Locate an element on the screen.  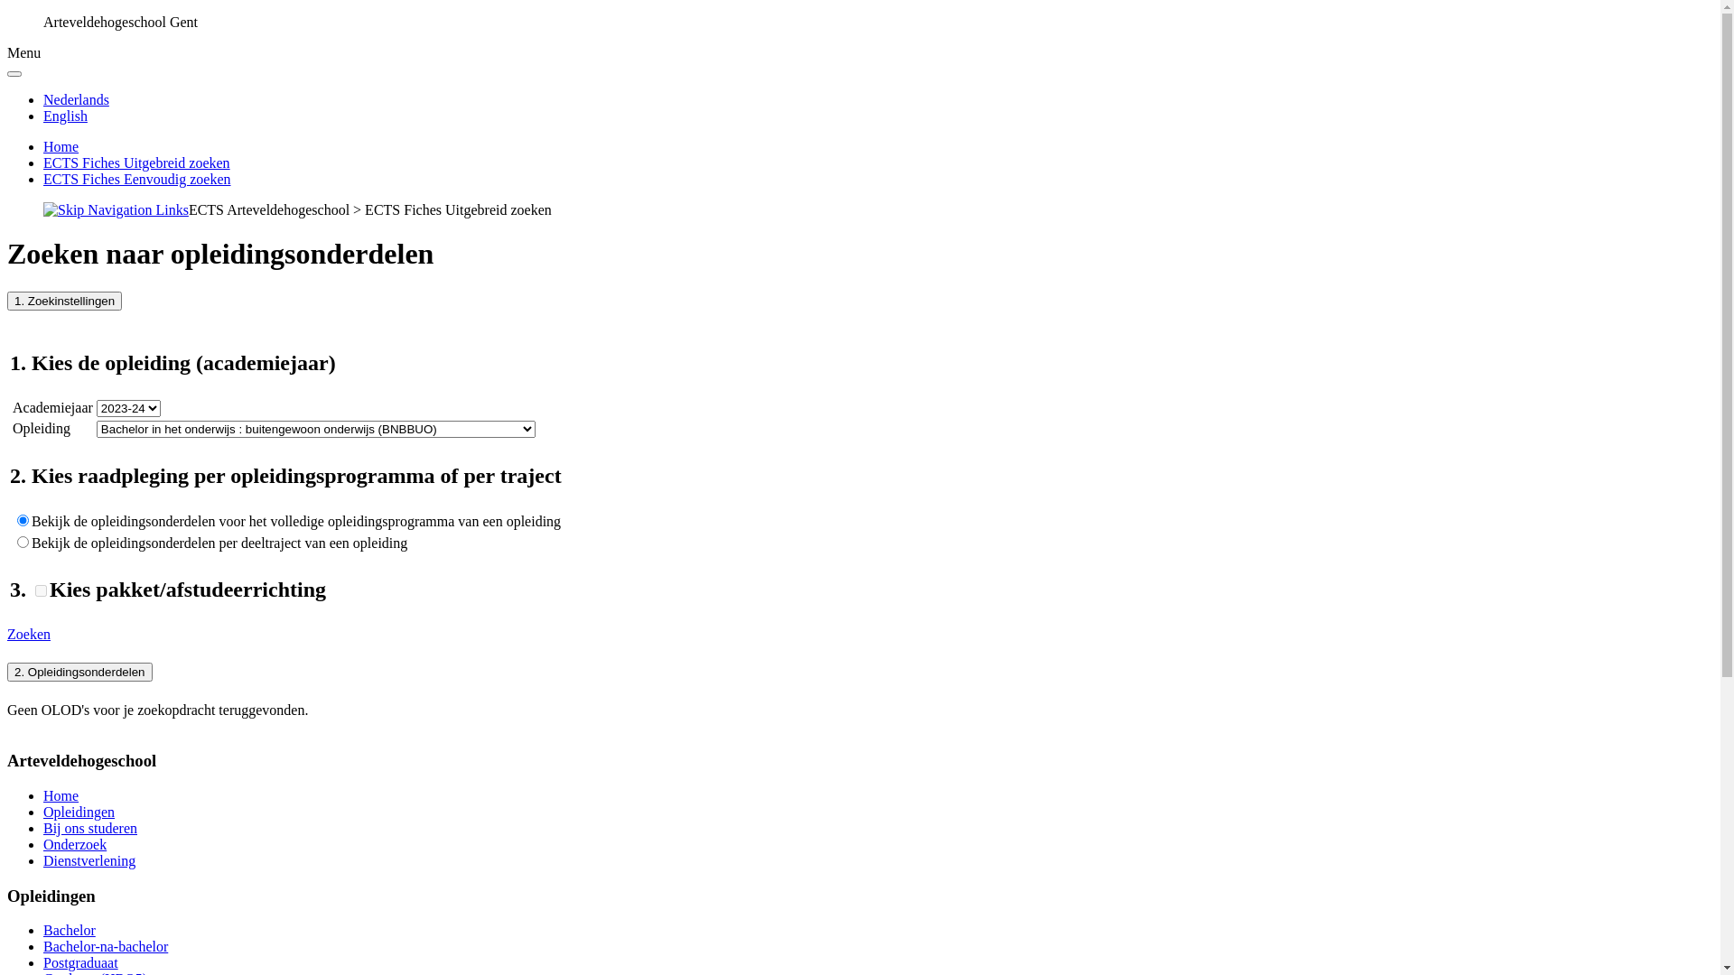
'Nederlands' is located at coordinates (75, 99).